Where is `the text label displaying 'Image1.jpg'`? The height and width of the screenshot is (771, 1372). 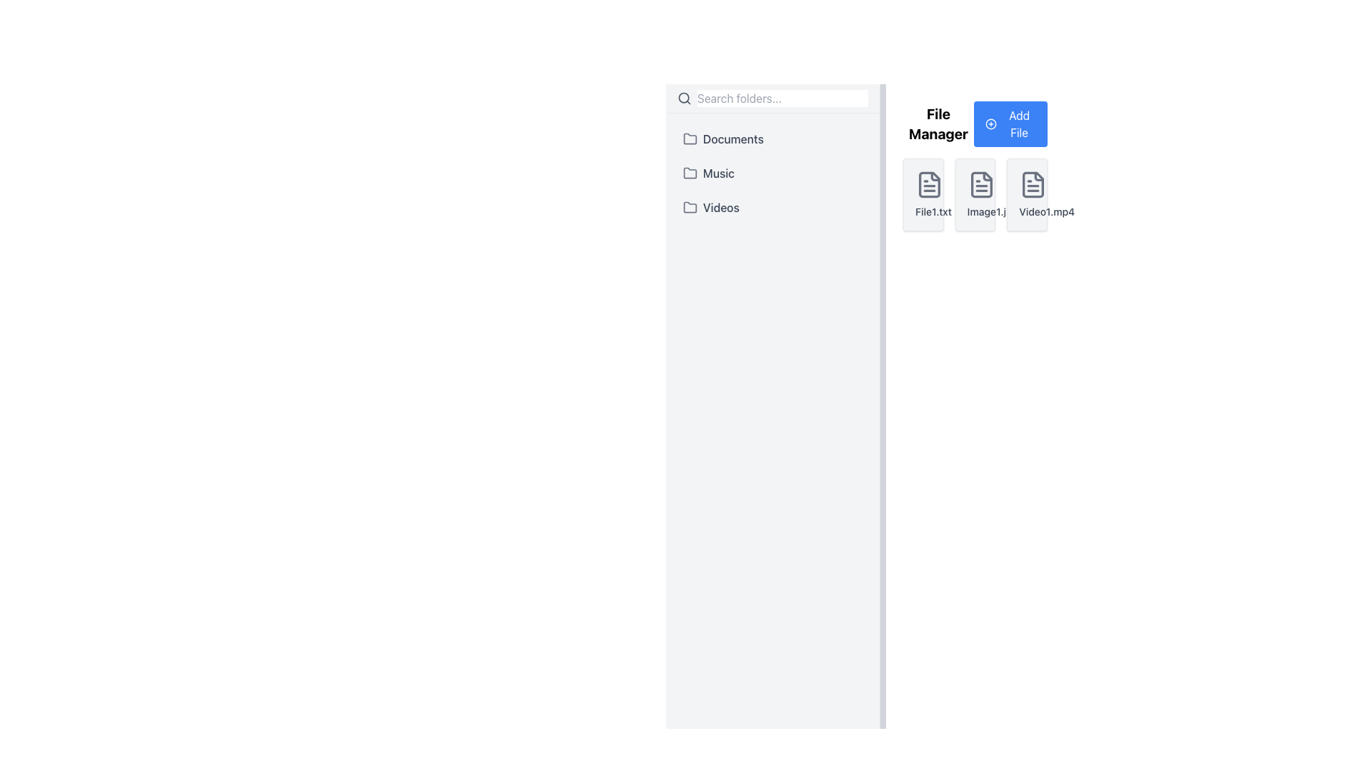 the text label displaying 'Image1.jpg' is located at coordinates (974, 212).